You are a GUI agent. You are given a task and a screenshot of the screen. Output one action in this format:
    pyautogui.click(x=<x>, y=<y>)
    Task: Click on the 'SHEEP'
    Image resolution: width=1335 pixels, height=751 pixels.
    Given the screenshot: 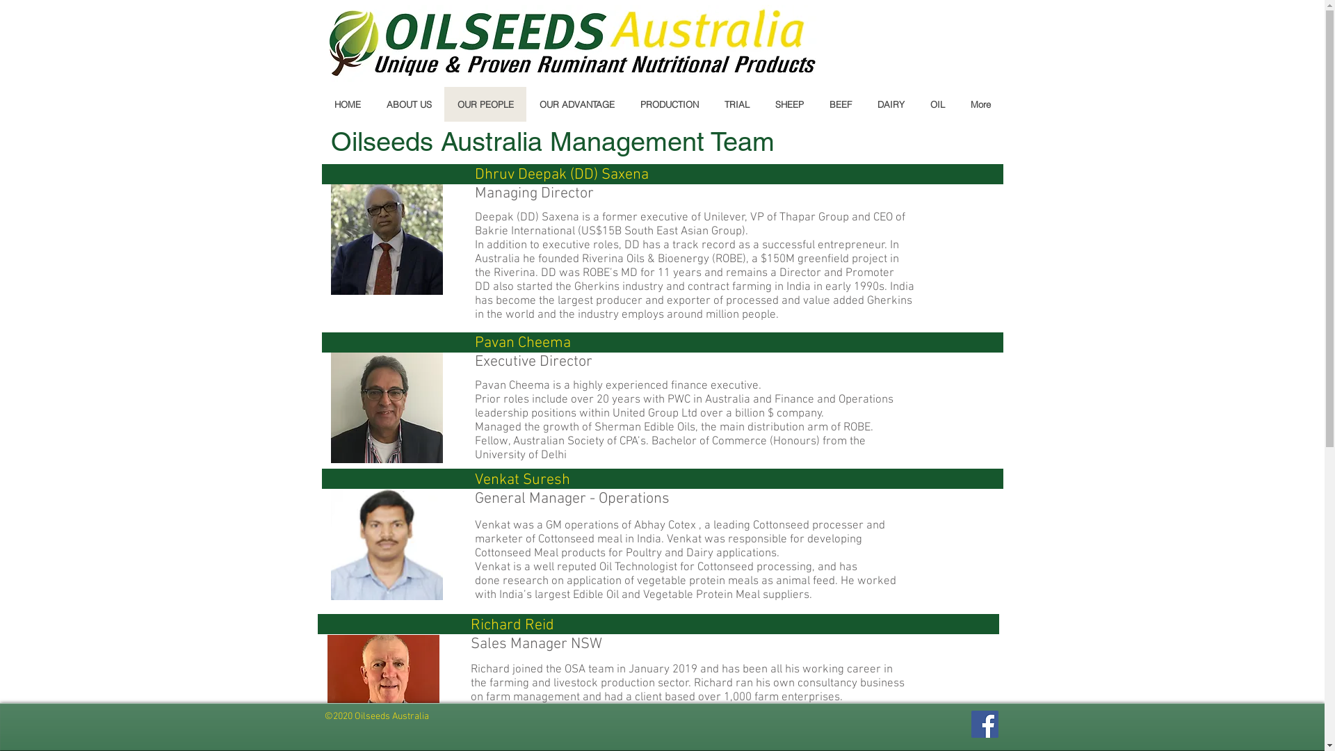 What is the action you would take?
    pyautogui.click(x=761, y=104)
    